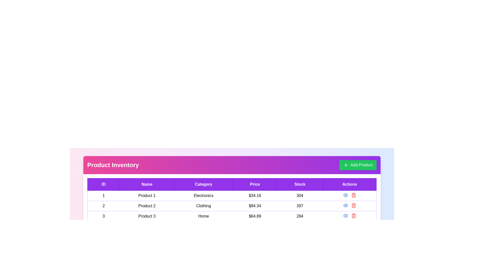 Image resolution: width=482 pixels, height=271 pixels. I want to click on the 'Add Product' button to initiate adding a new product, so click(357, 165).